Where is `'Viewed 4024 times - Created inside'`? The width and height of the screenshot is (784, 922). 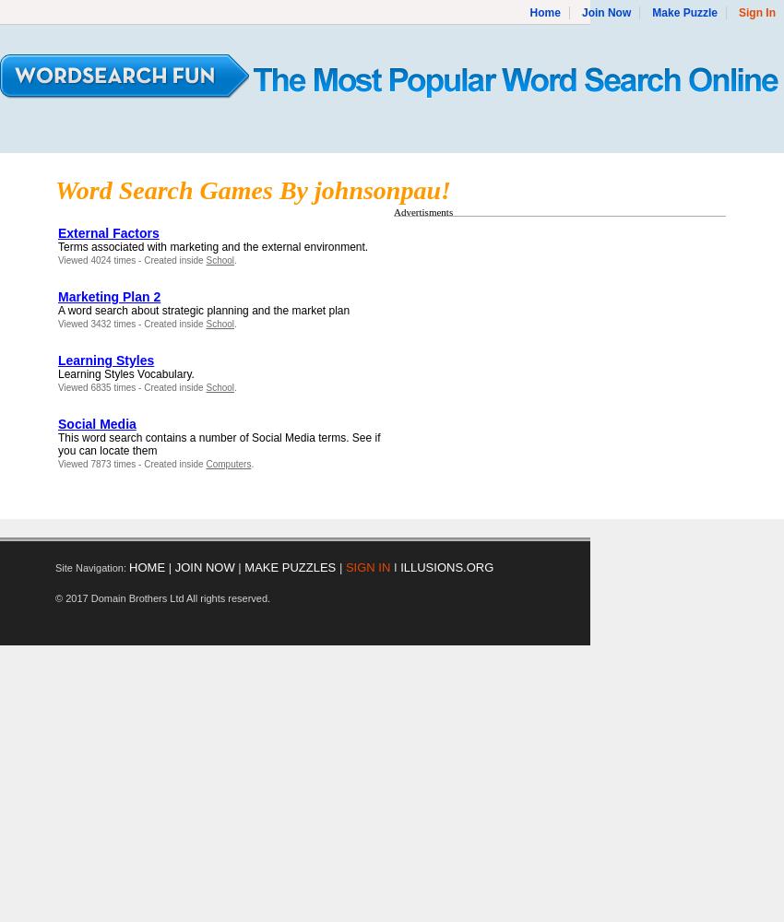
'Viewed 4024 times - Created inside' is located at coordinates (57, 260).